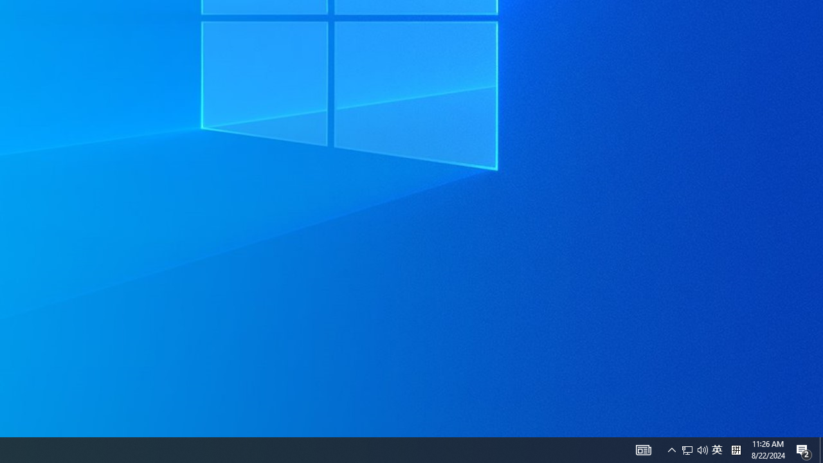 This screenshot has width=823, height=463. I want to click on 'Show desktop', so click(820, 449).